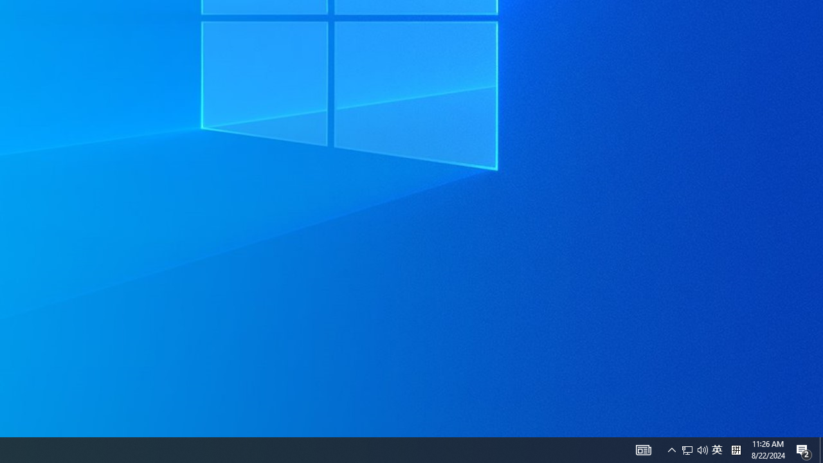 This screenshot has width=823, height=463. I want to click on 'Show desktop', so click(820, 449).